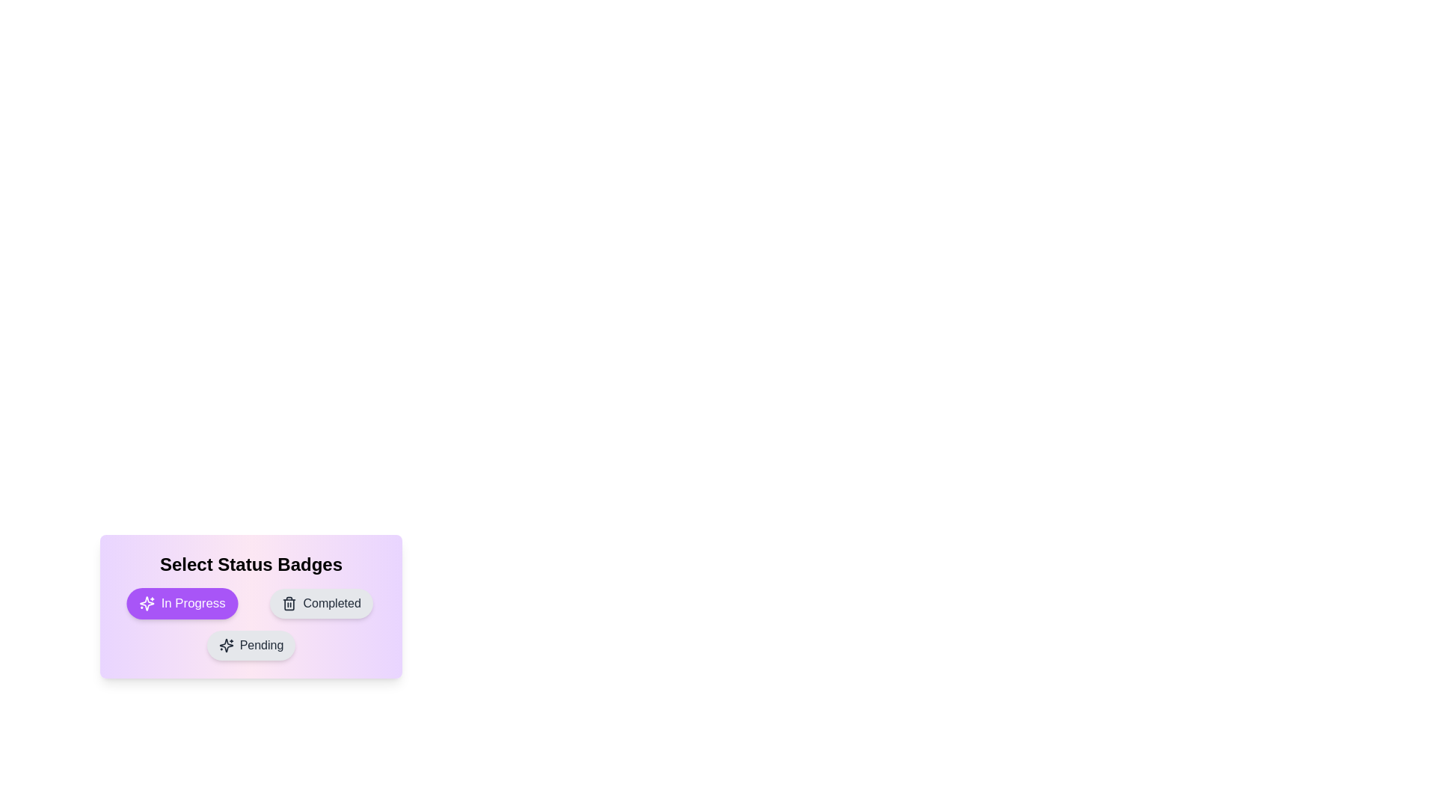 The image size is (1436, 808). I want to click on the container area of the badge list, so click(251, 606).